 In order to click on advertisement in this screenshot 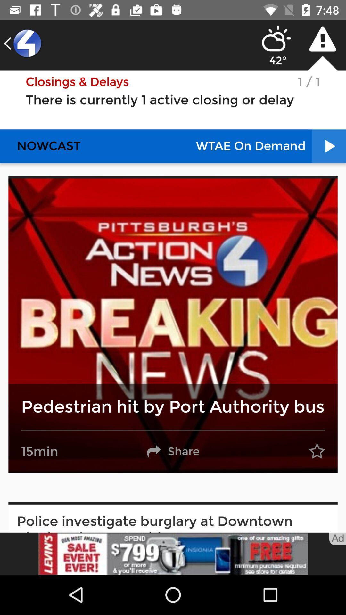, I will do `click(173, 553)`.